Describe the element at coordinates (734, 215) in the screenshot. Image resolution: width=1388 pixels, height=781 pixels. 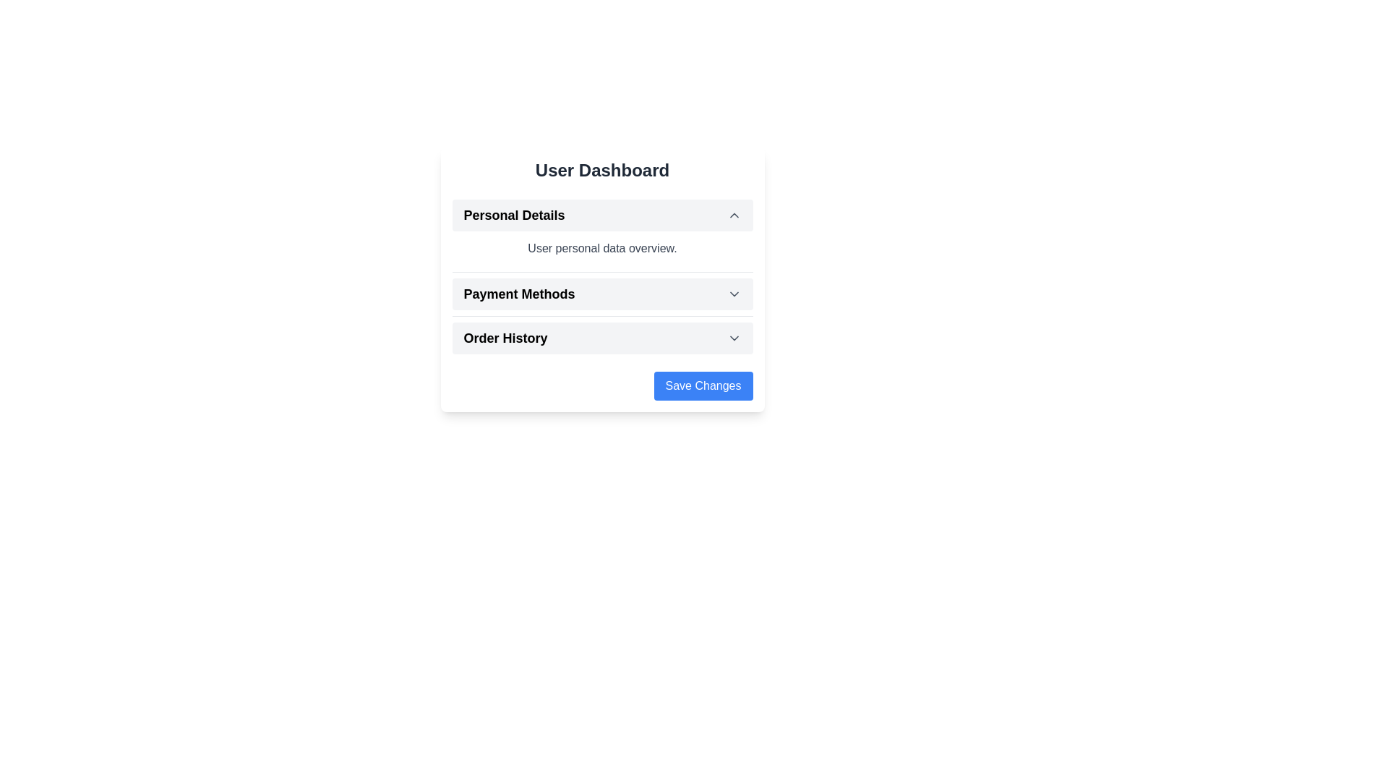
I see `the icon located at the far right of the 'Personal Details' section header` at that location.